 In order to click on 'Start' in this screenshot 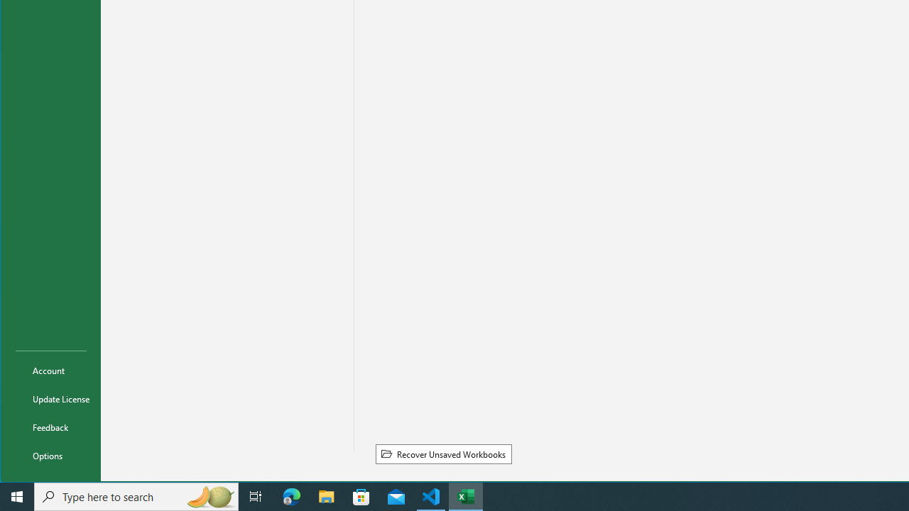, I will do `click(17, 495)`.